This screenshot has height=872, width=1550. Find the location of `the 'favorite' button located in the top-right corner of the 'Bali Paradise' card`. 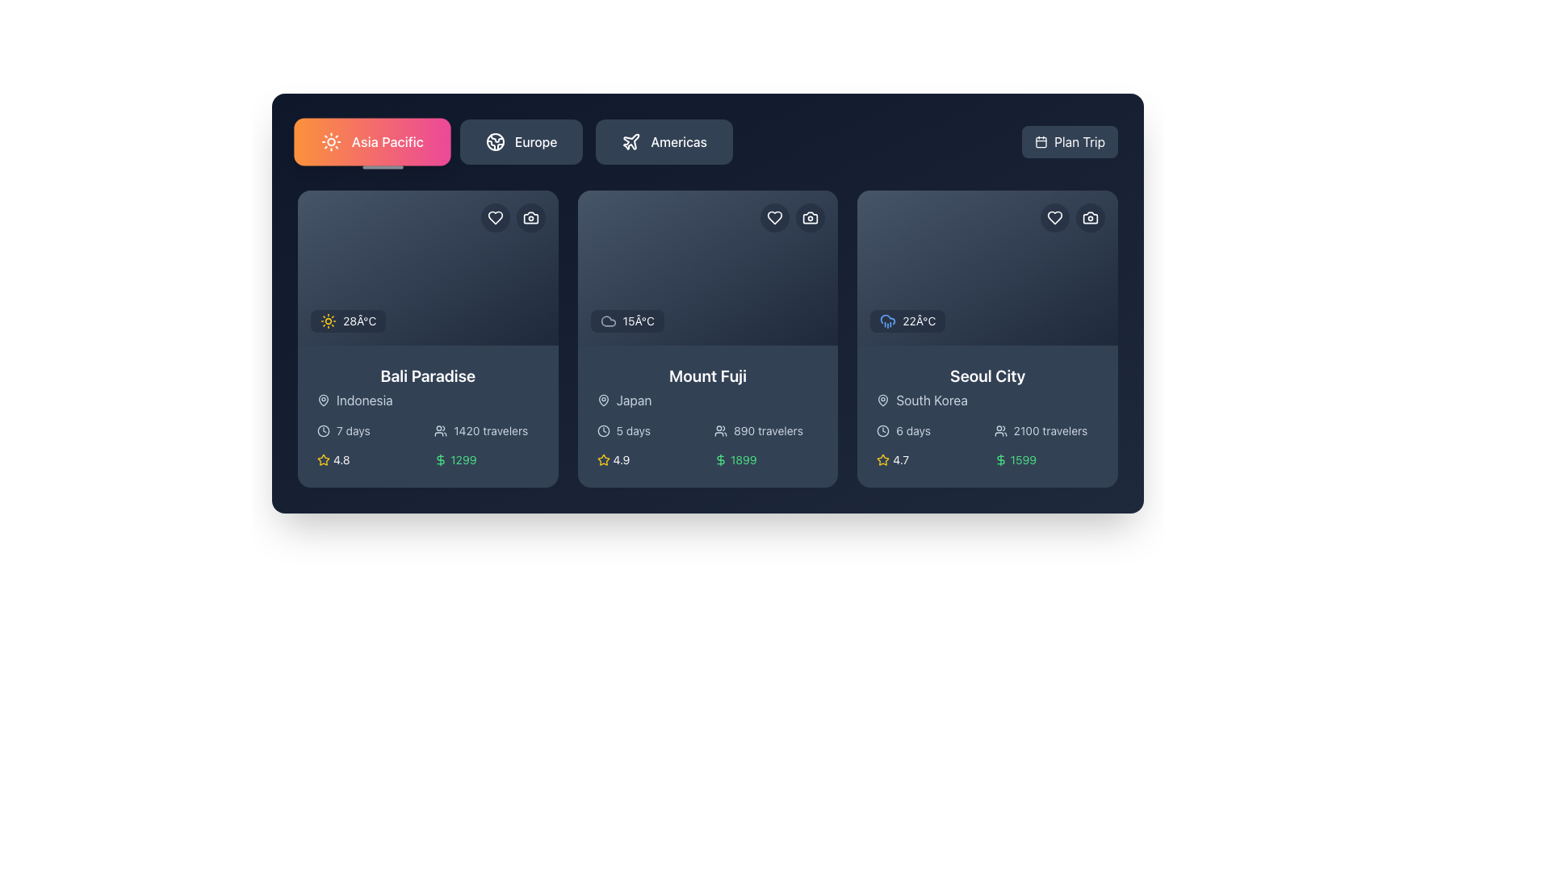

the 'favorite' button located in the top-right corner of the 'Bali Paradise' card is located at coordinates (494, 218).